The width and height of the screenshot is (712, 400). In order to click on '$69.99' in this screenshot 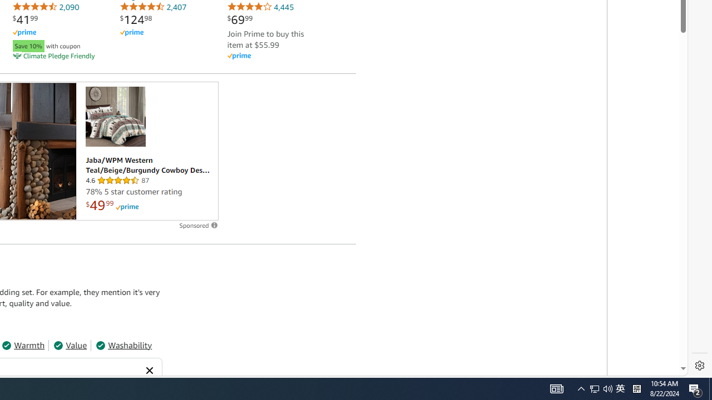, I will do `click(239, 19)`.